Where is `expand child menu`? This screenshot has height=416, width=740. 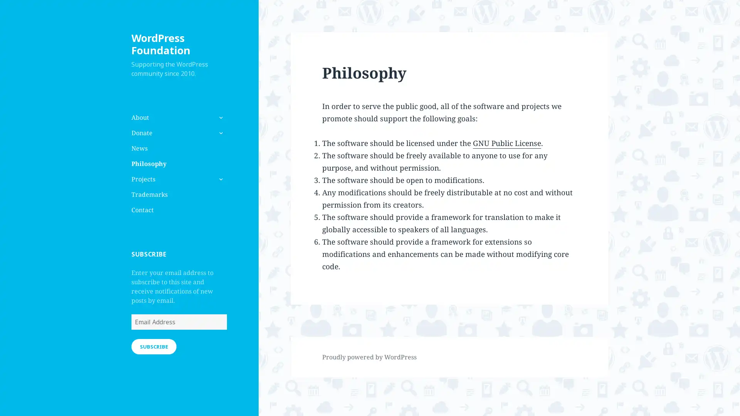
expand child menu is located at coordinates (220, 179).